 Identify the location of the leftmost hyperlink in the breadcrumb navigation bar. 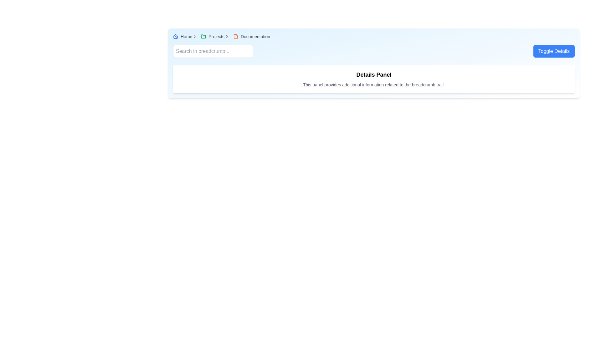
(185, 36).